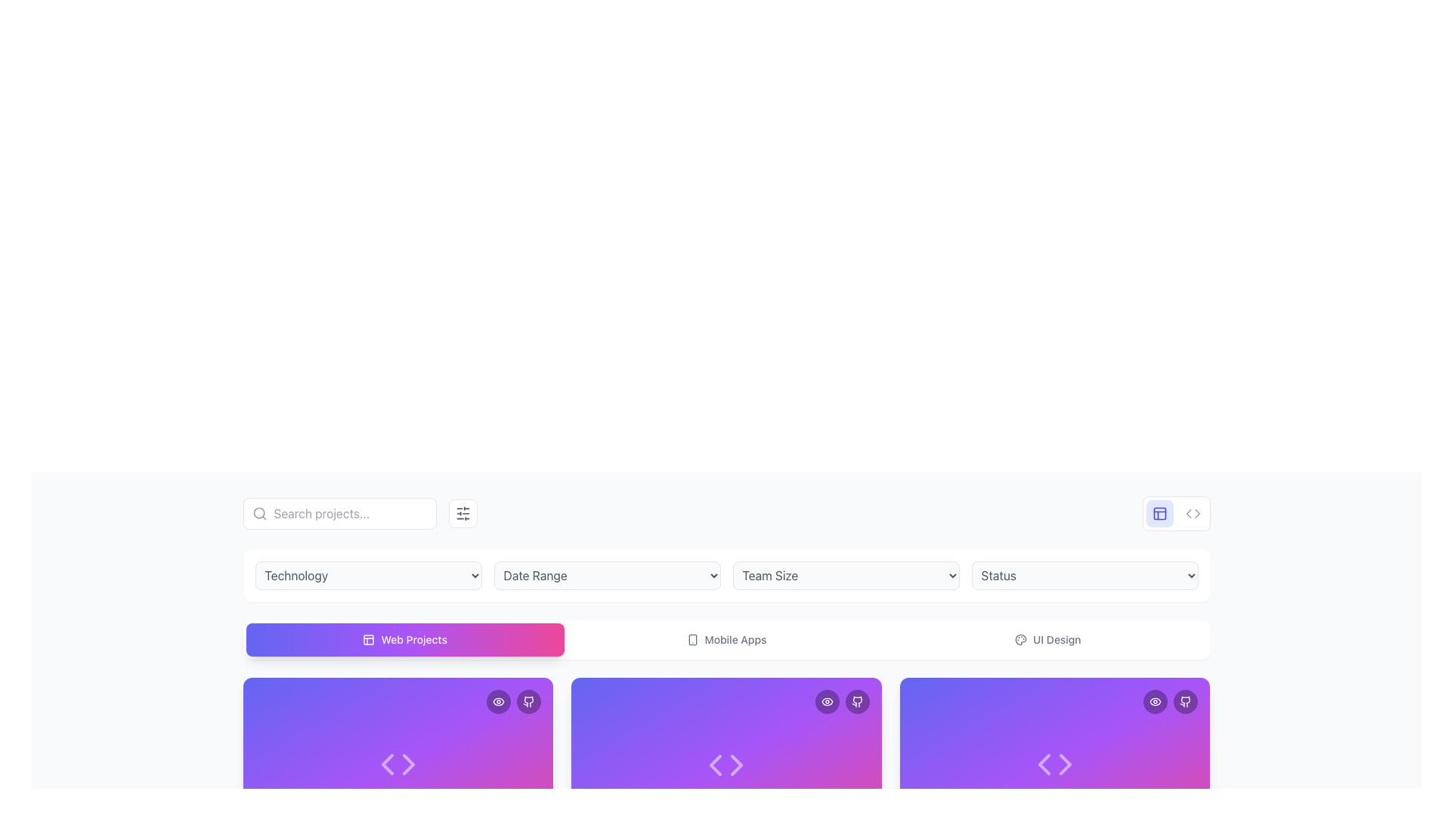 The width and height of the screenshot is (1451, 816). I want to click on the button with an icon located in the upper-right area of a card, so click(1155, 702).